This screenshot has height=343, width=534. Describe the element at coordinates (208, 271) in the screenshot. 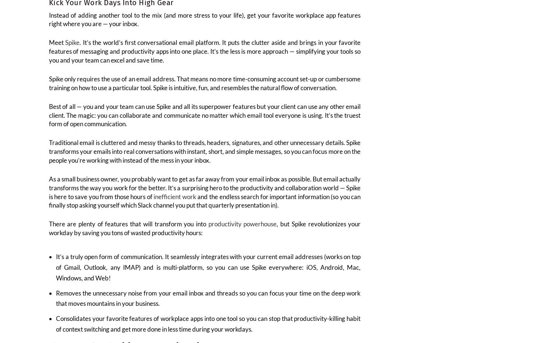

I see `'It’s a truly open form of communication. It seamlessly integrates with your current email addresses (works on top of Gmail, Outlook, any IMAP) and is multi-platform, so you can use Spike everywhere: iOS, Android, Mac, Windows, and Web!'` at that location.